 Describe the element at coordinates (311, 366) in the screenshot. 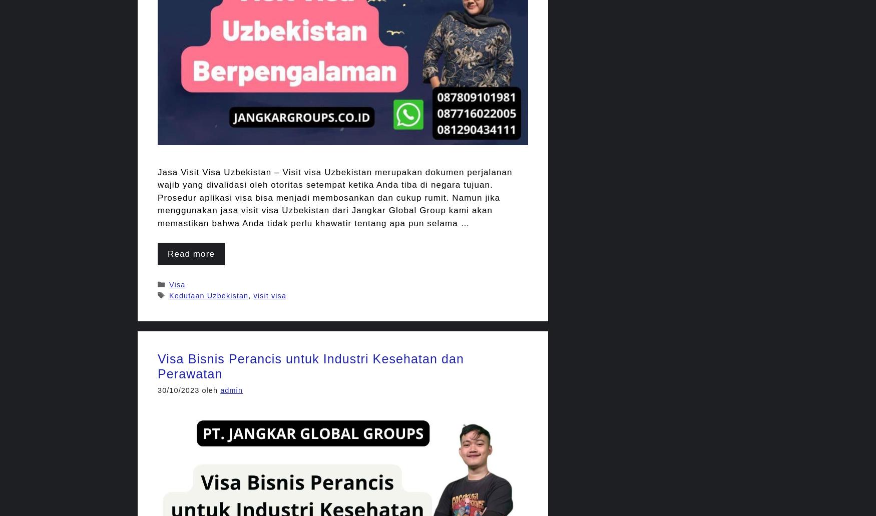

I see `'Visa Bisnis Perancis untuk Industri Kesehatan dan Perawatan'` at that location.